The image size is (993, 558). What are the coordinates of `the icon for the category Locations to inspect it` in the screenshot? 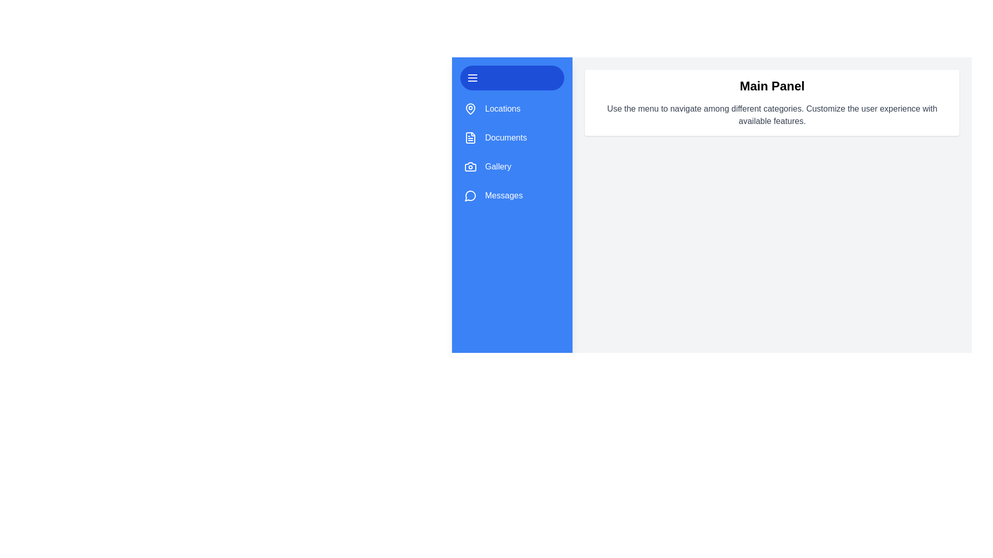 It's located at (470, 109).